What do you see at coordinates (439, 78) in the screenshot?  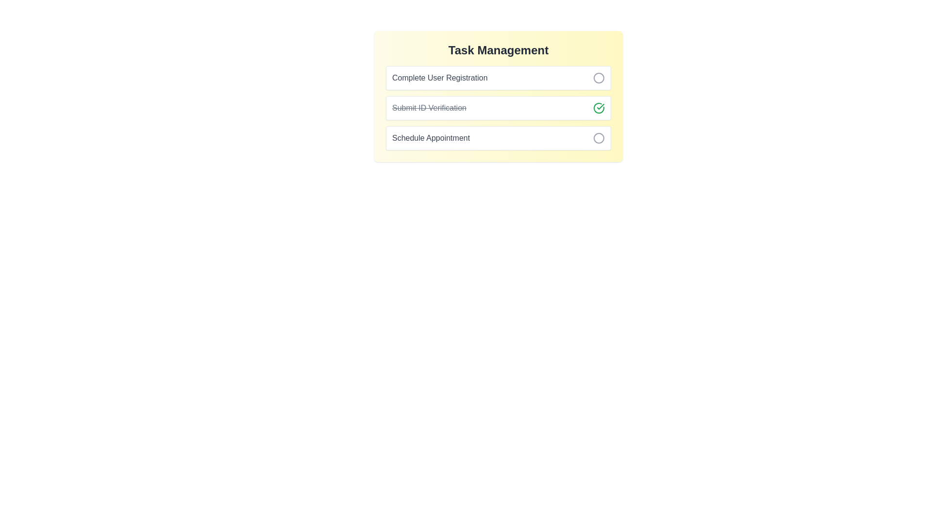 I see `the text label displaying 'Complete User Registration', which is centrally positioned under the 'Task Management' header and aligned to the left of its siblings` at bounding box center [439, 78].